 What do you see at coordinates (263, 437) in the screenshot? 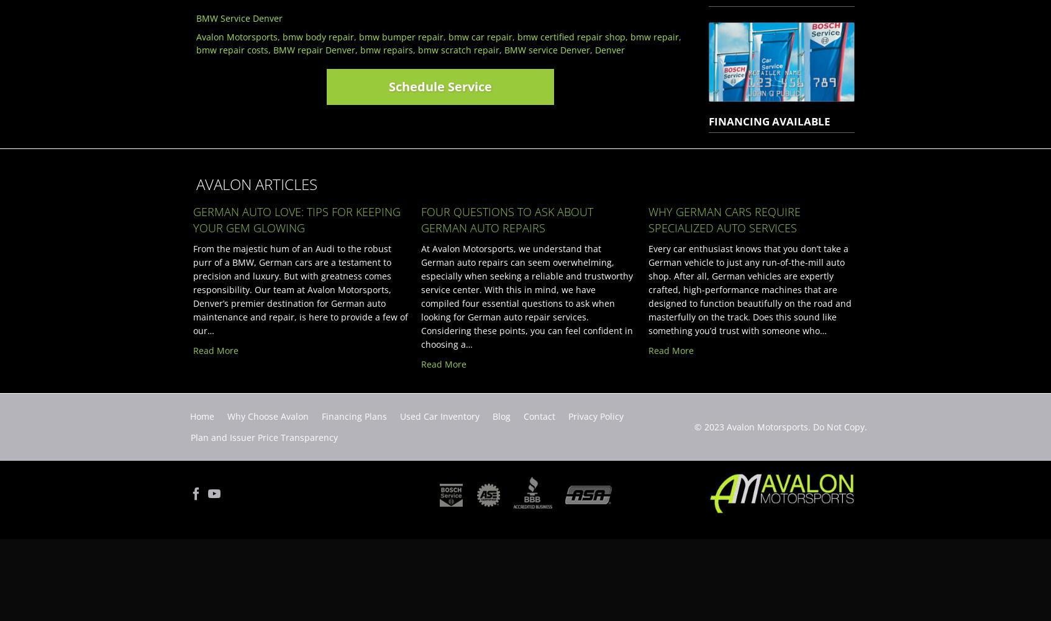
I see `'Plan and Issuer Price Transparency'` at bounding box center [263, 437].